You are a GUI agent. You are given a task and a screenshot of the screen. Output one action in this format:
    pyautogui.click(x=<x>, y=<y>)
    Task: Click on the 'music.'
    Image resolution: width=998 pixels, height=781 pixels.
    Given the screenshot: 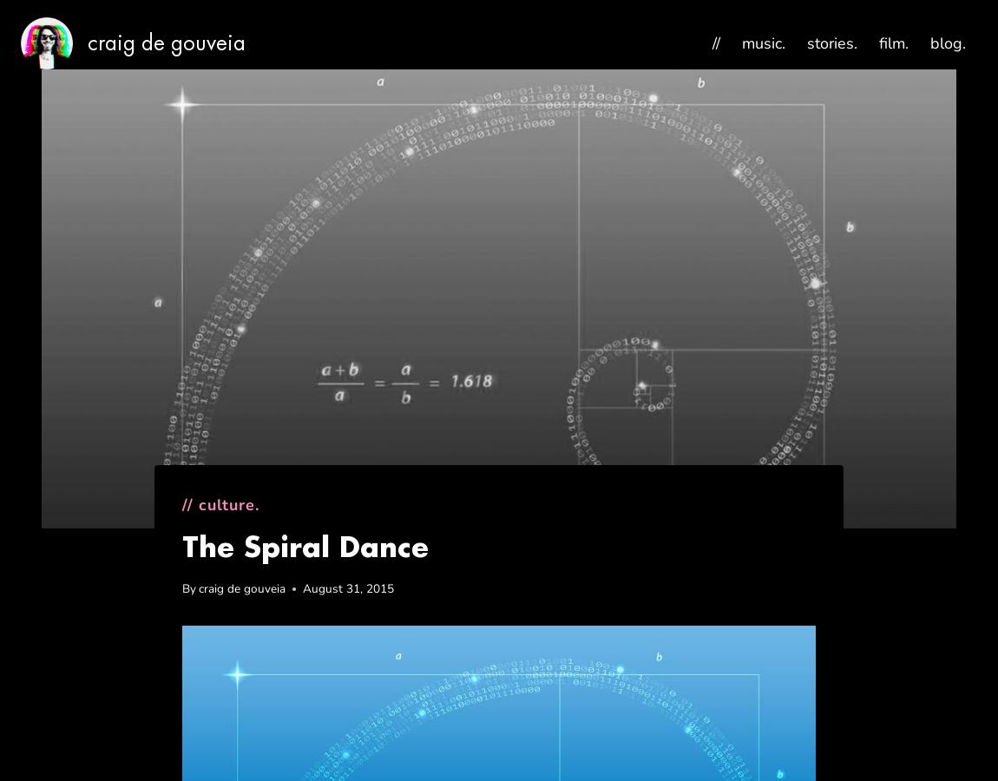 What is the action you would take?
    pyautogui.click(x=762, y=41)
    